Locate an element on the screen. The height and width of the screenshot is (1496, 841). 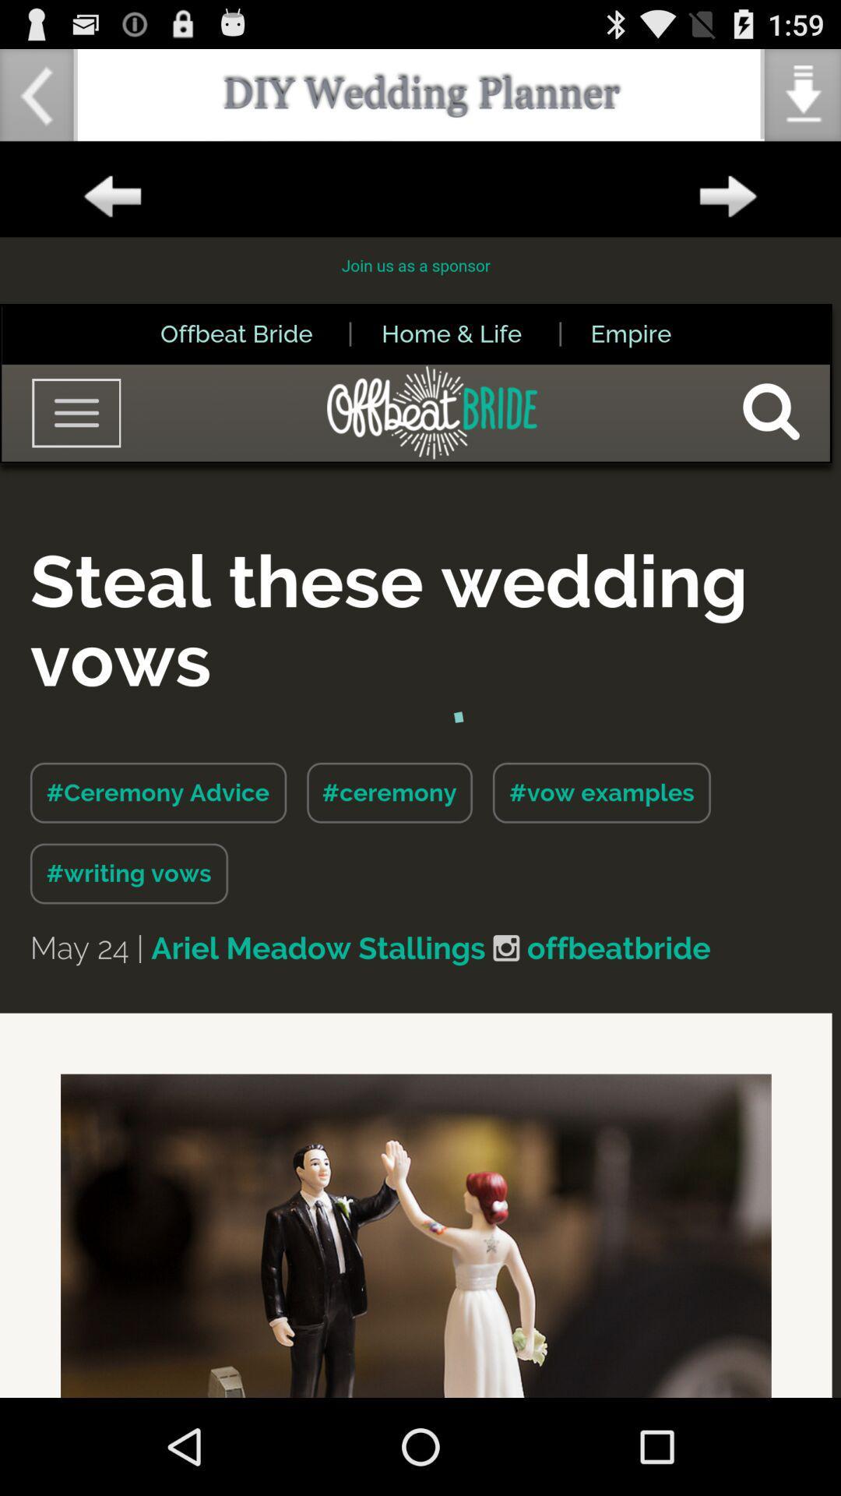
forword is located at coordinates (728, 196).